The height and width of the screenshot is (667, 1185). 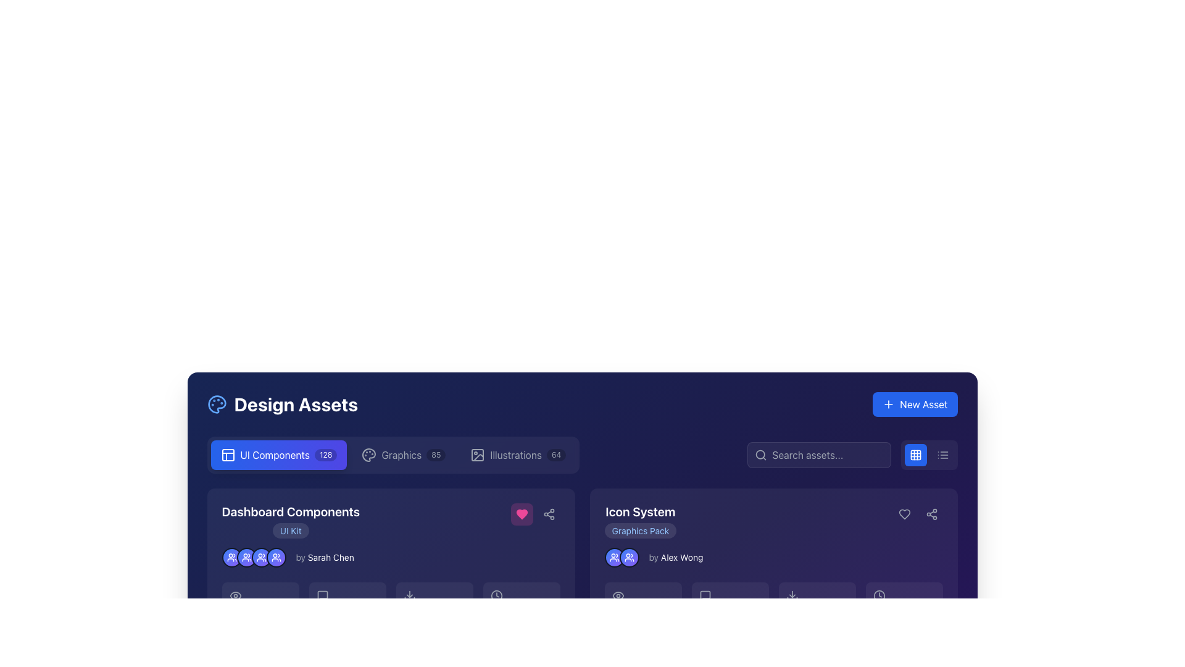 I want to click on the heart-shaped icon located in the upper-right area of the 'Dashboard Components' card, so click(x=522, y=514).